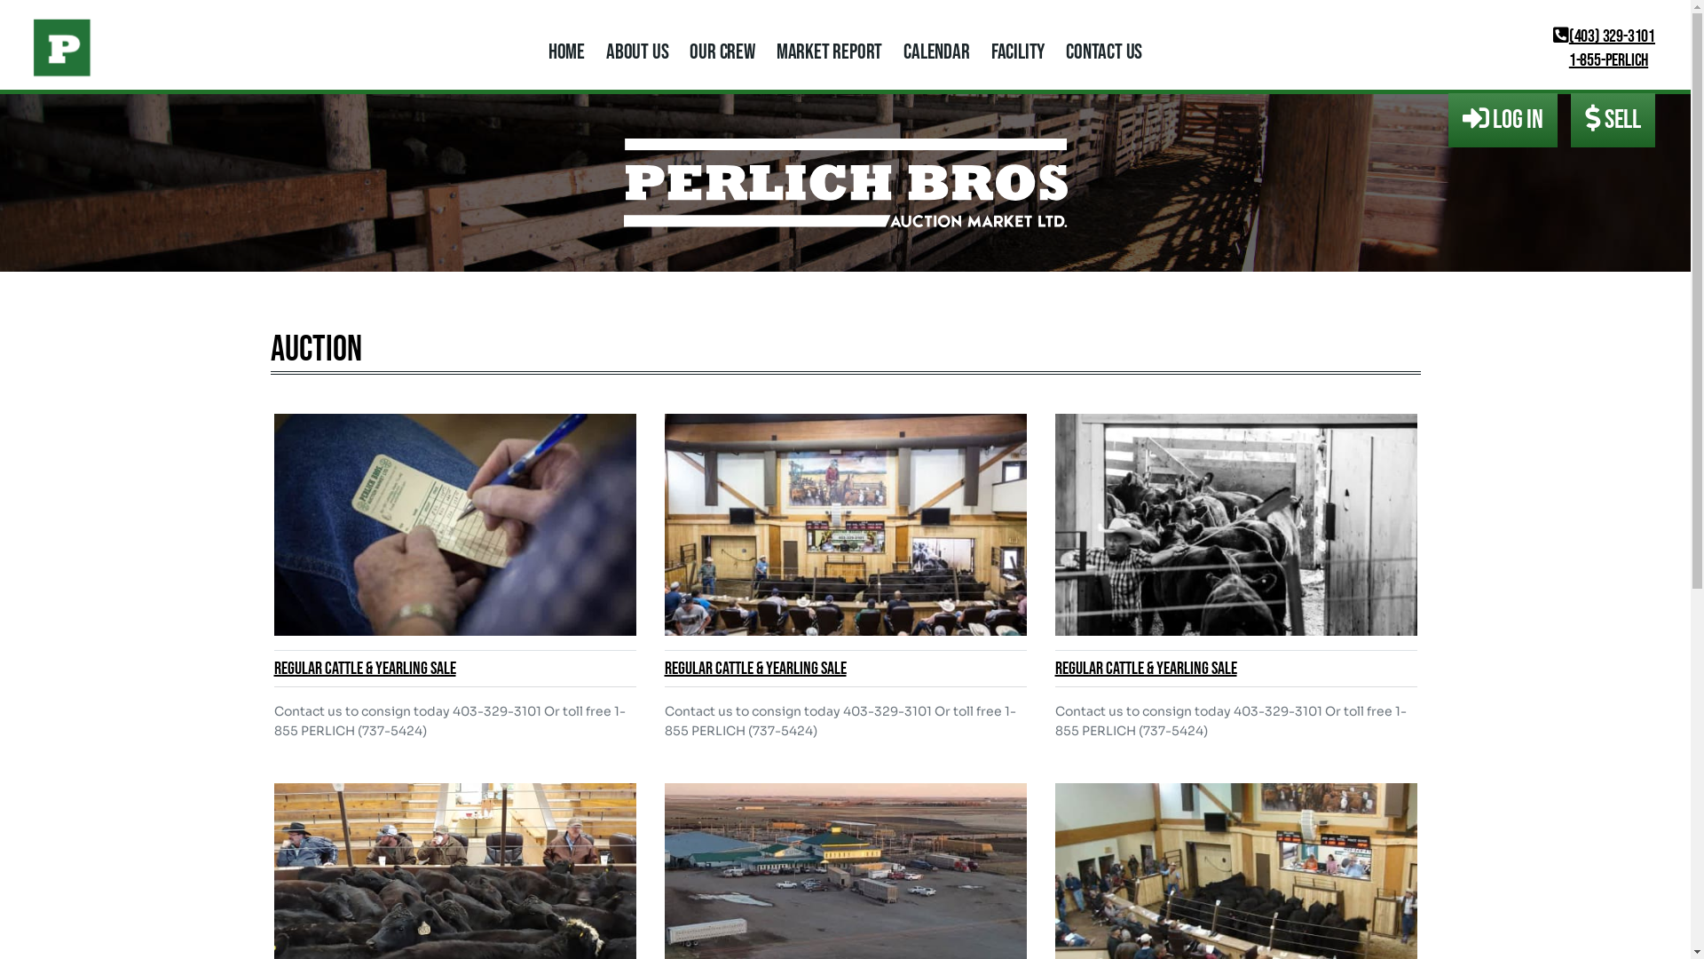 The image size is (1704, 959). Describe the element at coordinates (722, 51) in the screenshot. I see `'OUR CREW'` at that location.